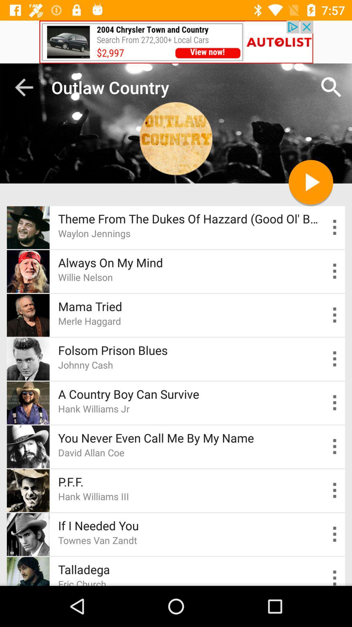 This screenshot has height=627, width=352. What do you see at coordinates (335, 402) in the screenshot?
I see `country music` at bounding box center [335, 402].